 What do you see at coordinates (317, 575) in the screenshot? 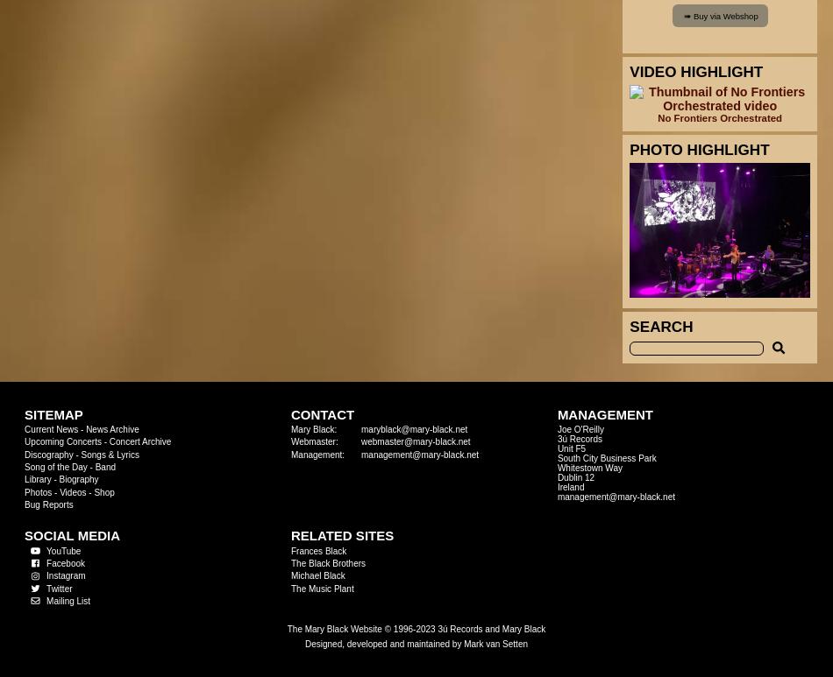
I see `'Michael Black'` at bounding box center [317, 575].